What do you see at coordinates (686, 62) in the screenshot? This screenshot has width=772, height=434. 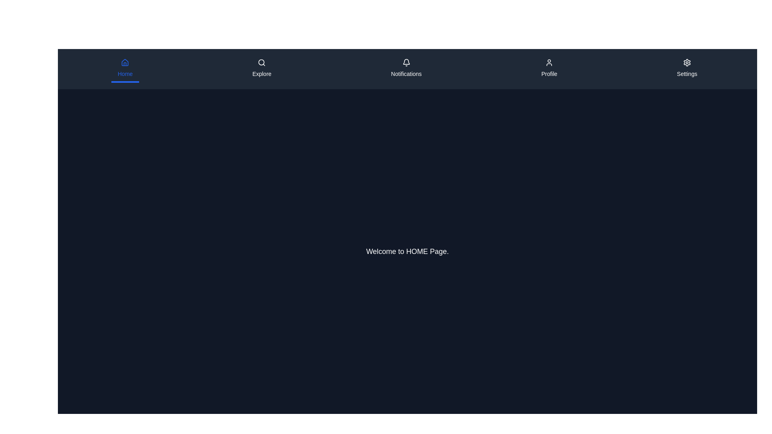 I see `the icon button located in the top navigation bar at the right-most end` at bounding box center [686, 62].